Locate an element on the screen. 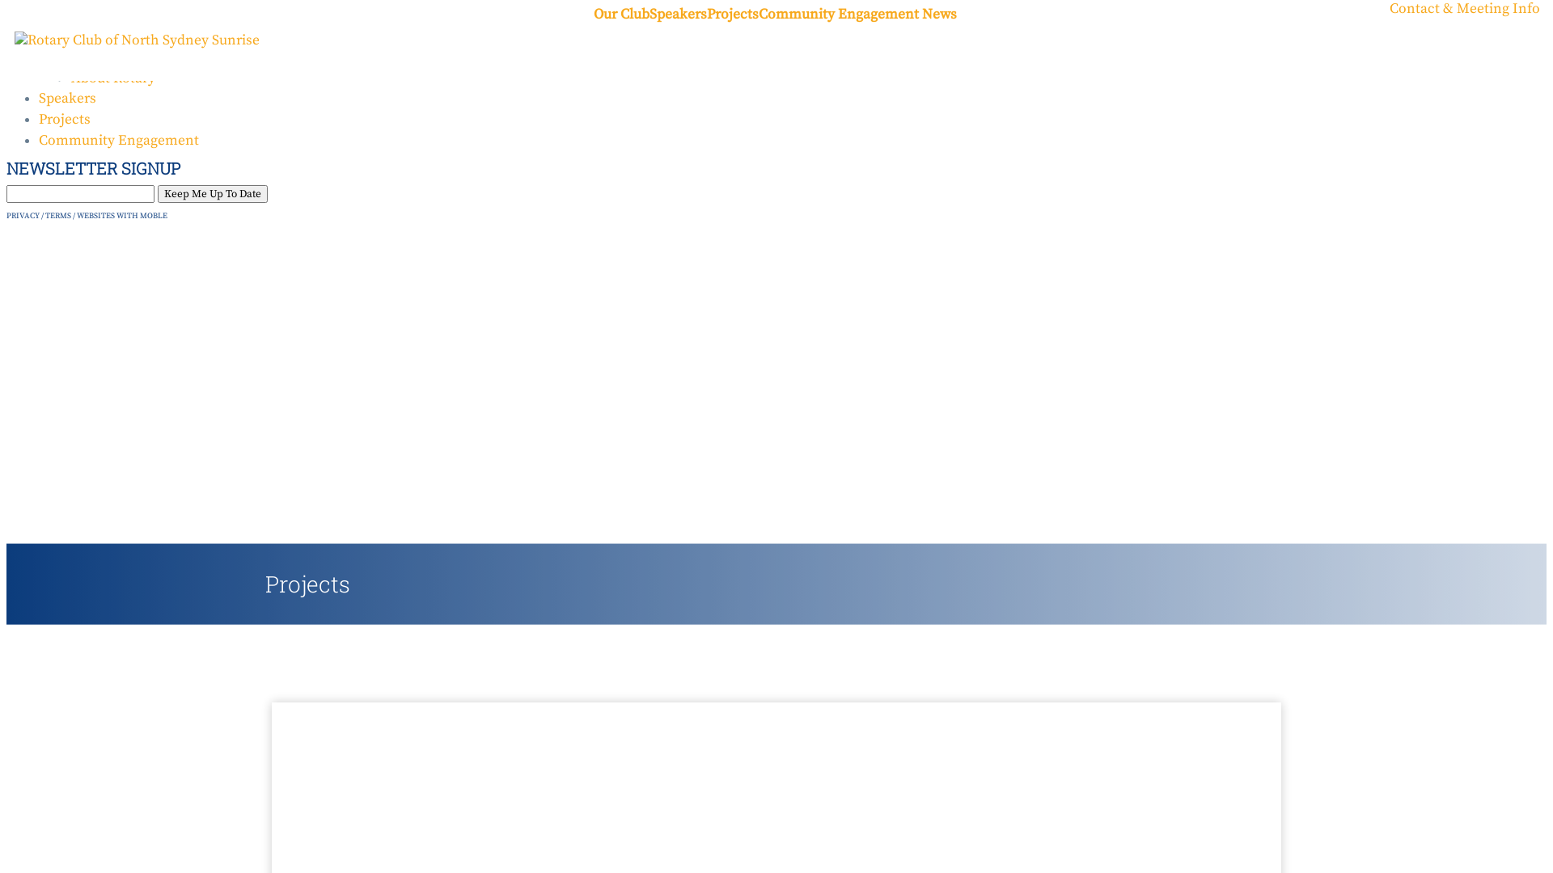 Image resolution: width=1553 pixels, height=873 pixels. 'Contact & Meeting Info' is located at coordinates (1464, 9).